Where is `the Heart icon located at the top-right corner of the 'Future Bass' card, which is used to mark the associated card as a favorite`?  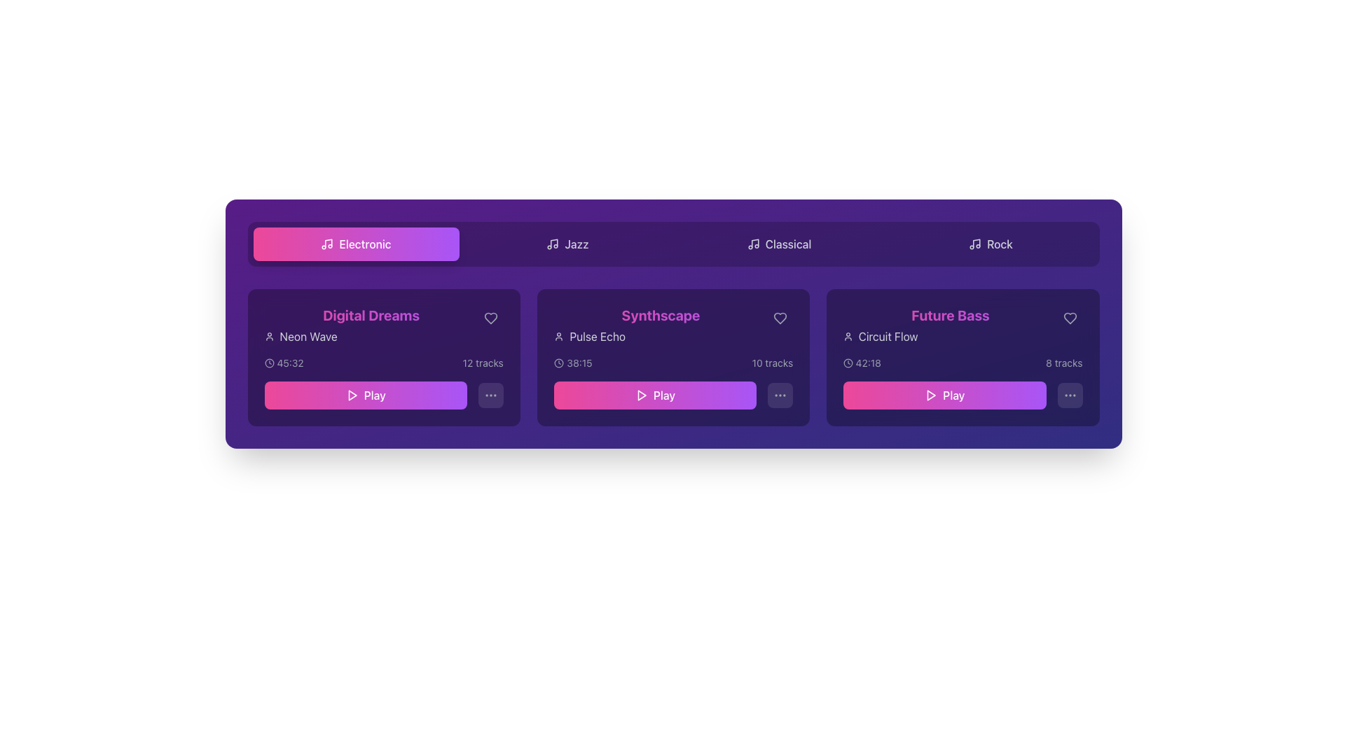
the Heart icon located at the top-right corner of the 'Future Bass' card, which is used to mark the associated card as a favorite is located at coordinates (1069, 318).